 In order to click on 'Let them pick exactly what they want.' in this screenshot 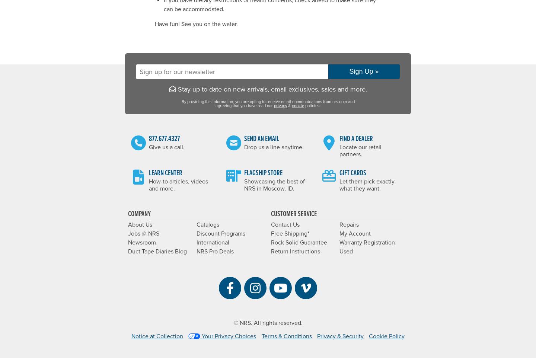, I will do `click(366, 184)`.